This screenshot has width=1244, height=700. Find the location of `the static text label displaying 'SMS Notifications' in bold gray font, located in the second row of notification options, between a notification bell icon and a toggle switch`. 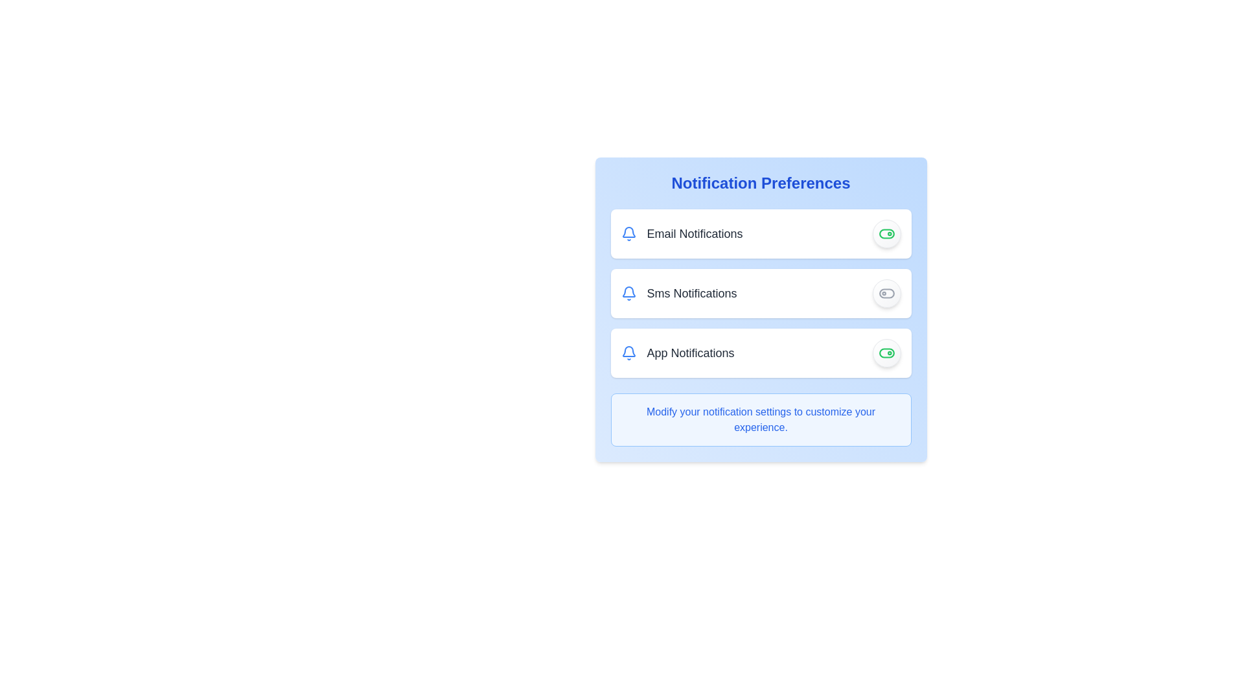

the static text label displaying 'SMS Notifications' in bold gray font, located in the second row of notification options, between a notification bell icon and a toggle switch is located at coordinates (691, 293).